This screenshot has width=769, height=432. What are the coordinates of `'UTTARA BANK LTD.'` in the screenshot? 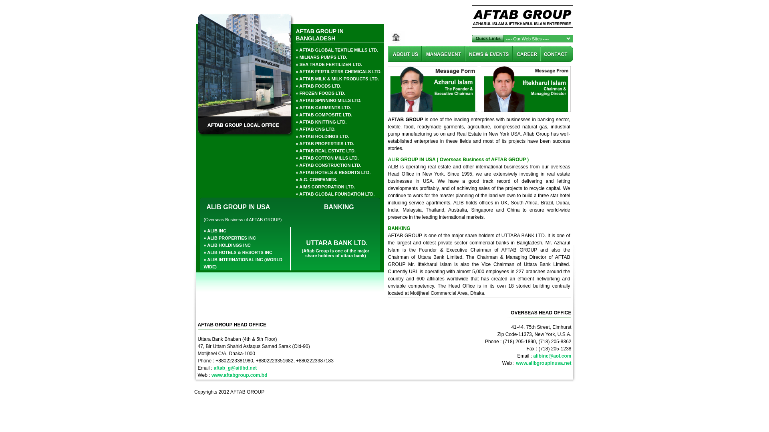 It's located at (336, 240).